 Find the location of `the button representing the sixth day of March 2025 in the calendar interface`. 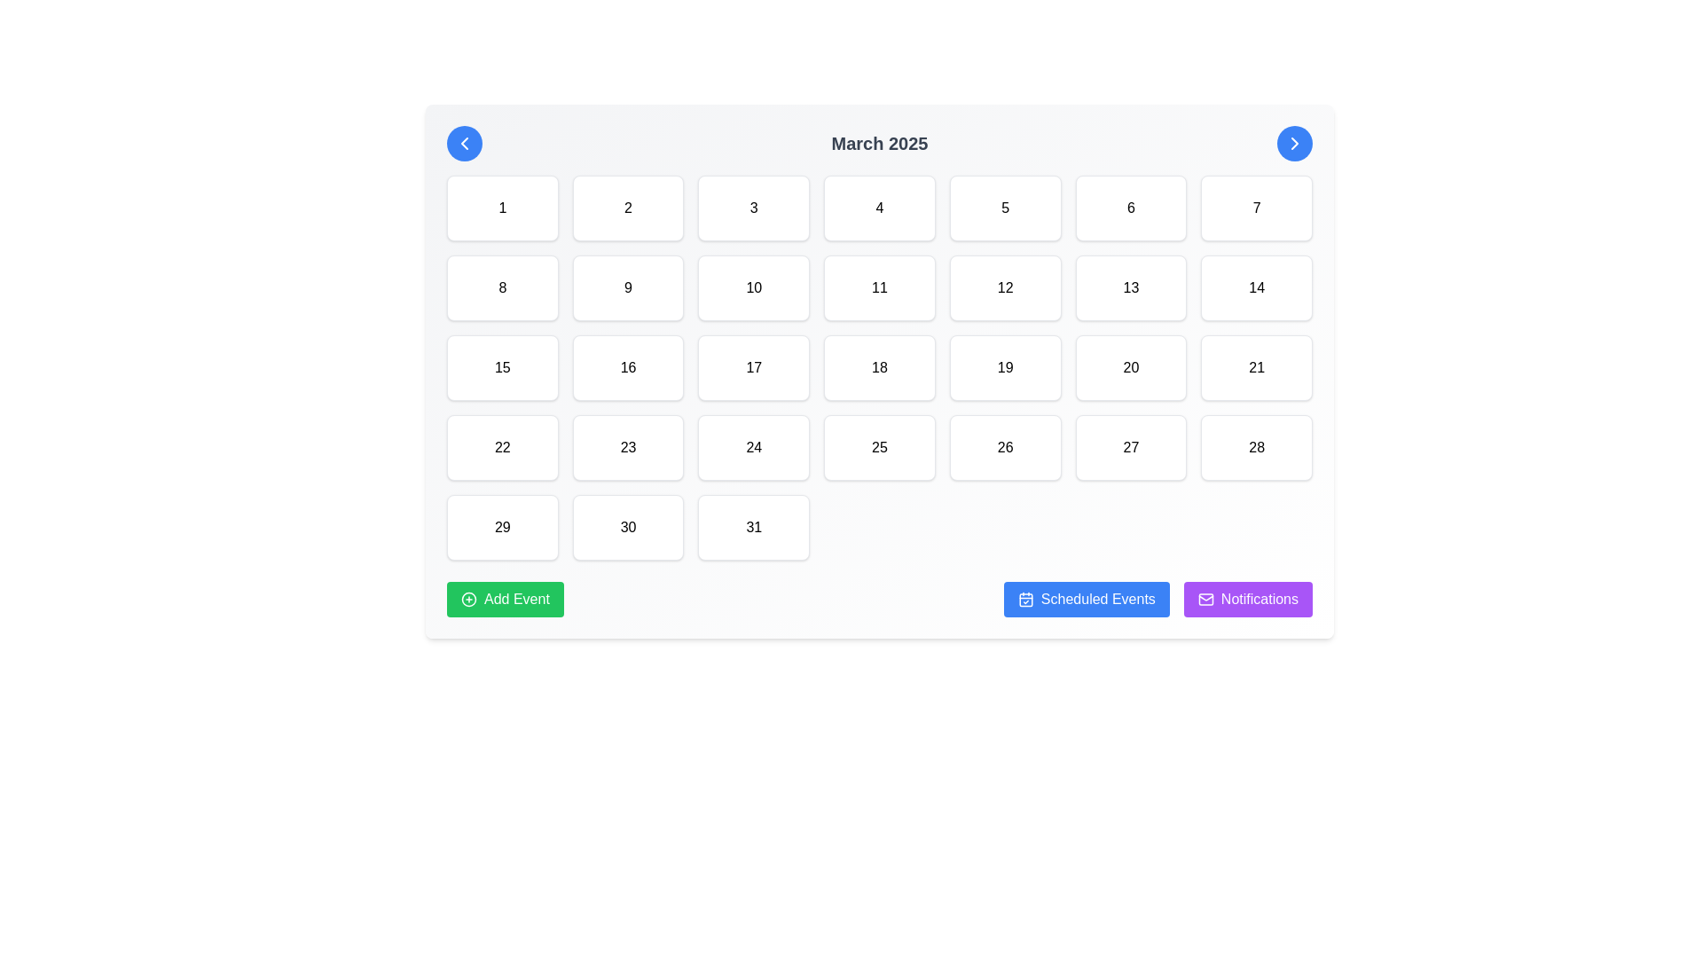

the button representing the sixth day of March 2025 in the calendar interface is located at coordinates (1130, 208).